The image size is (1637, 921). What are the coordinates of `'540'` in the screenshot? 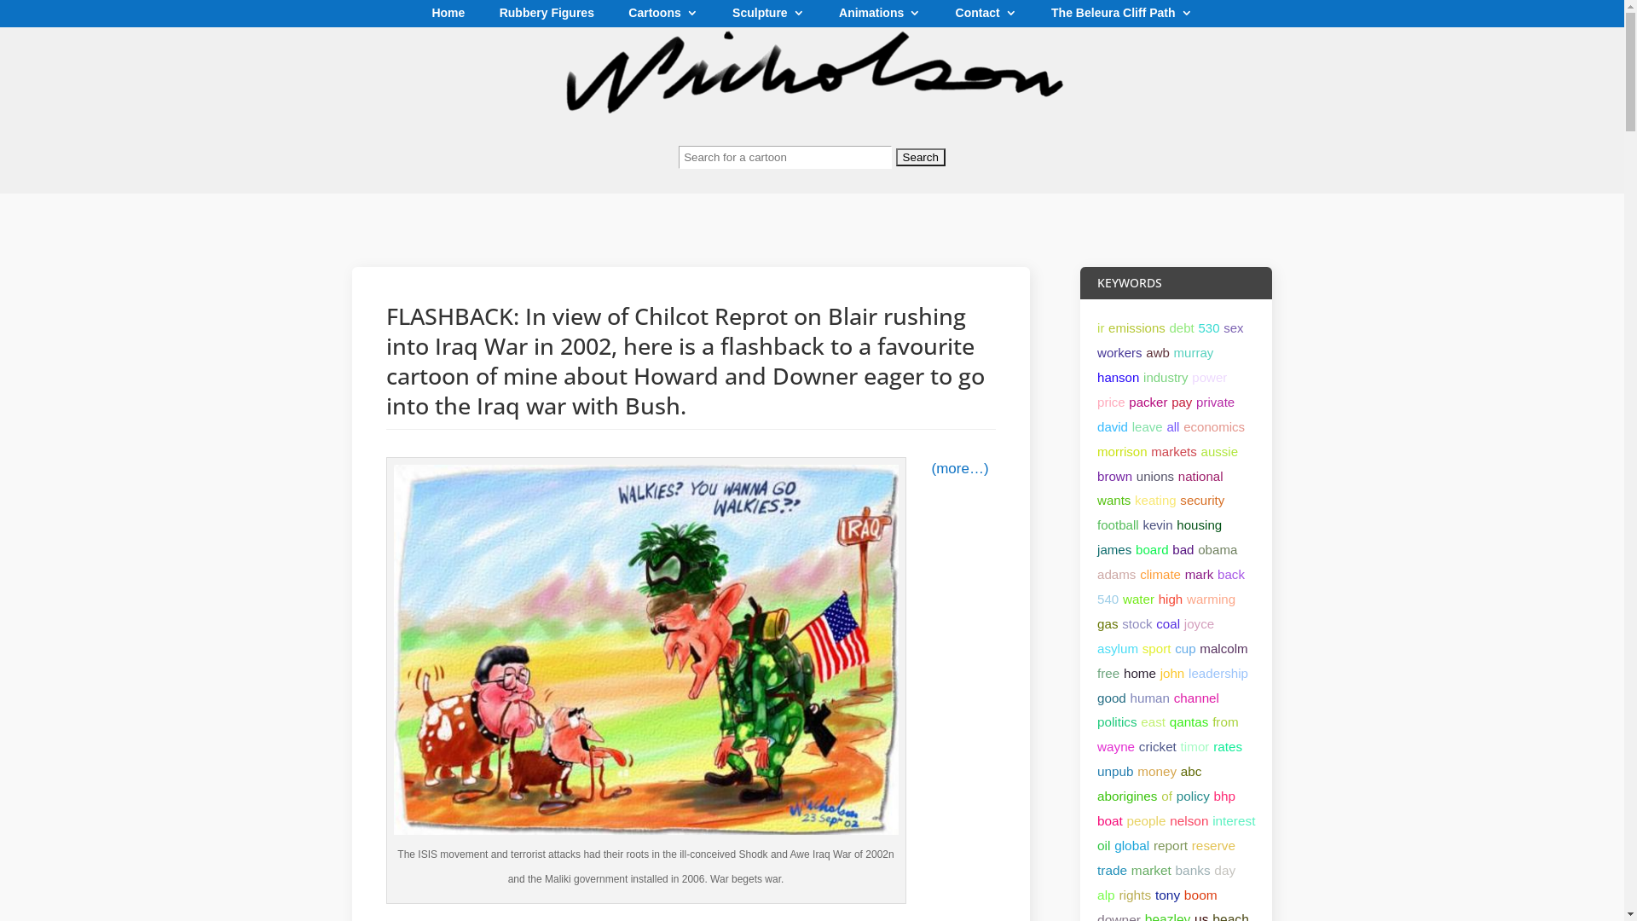 It's located at (1108, 598).